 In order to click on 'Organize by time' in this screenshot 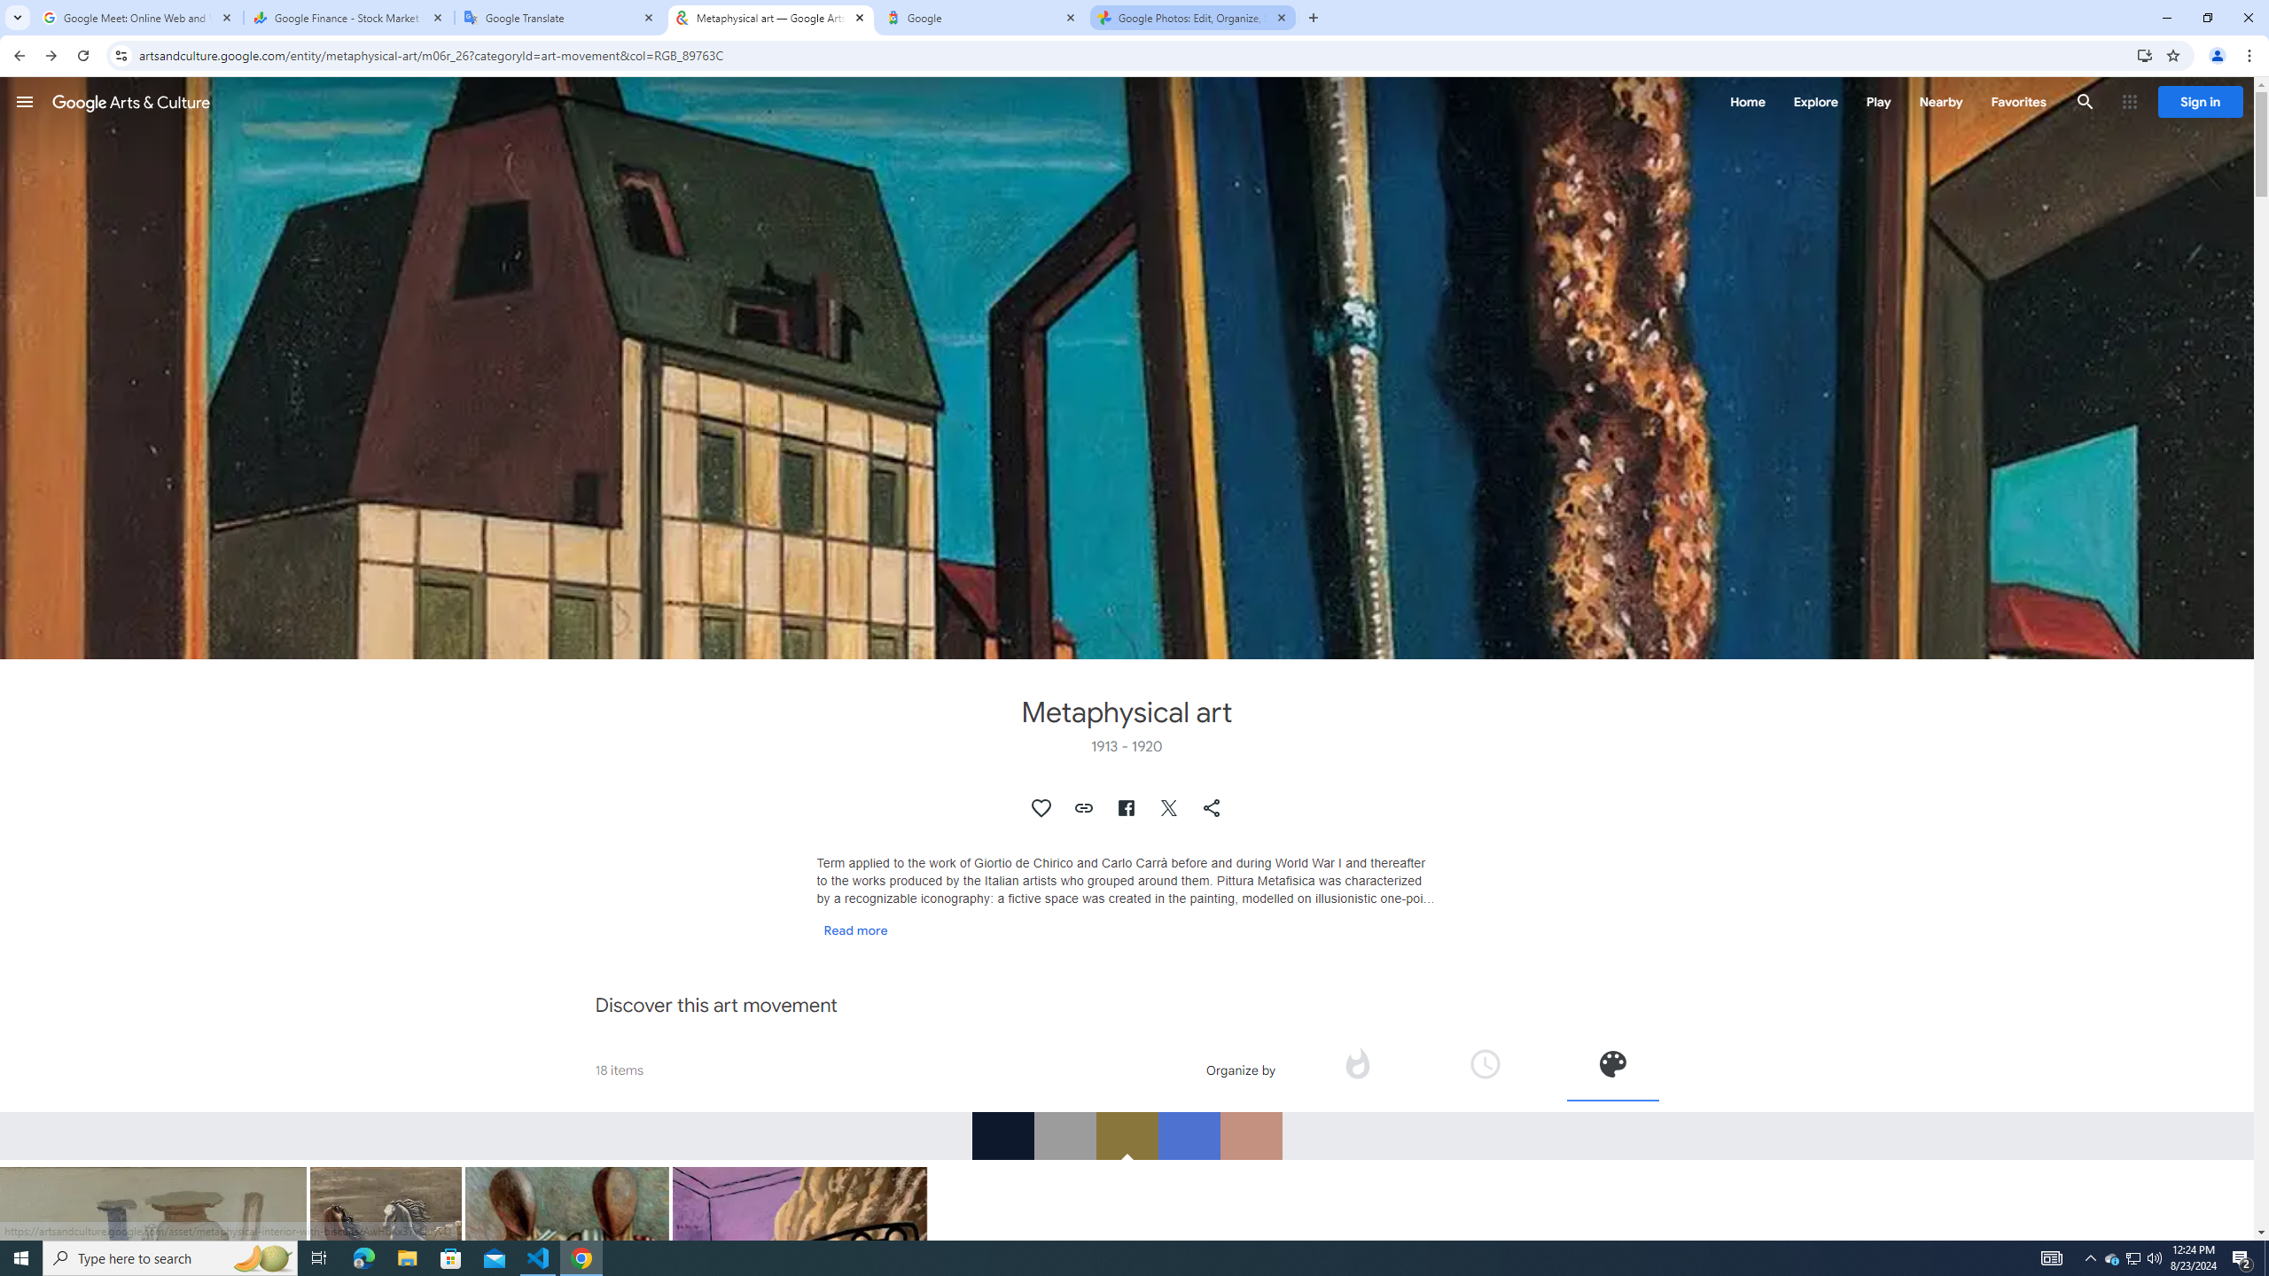, I will do `click(1485, 1069)`.